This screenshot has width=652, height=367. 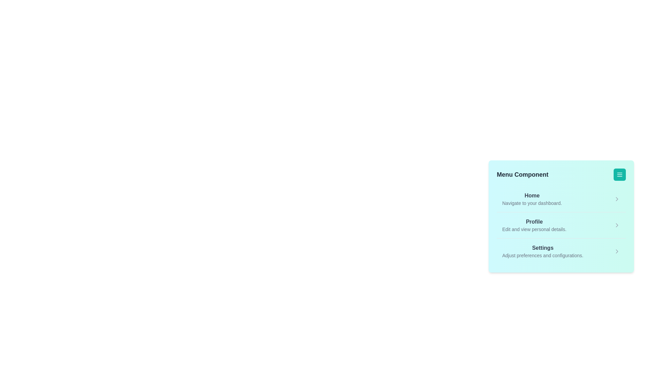 What do you see at coordinates (617, 251) in the screenshot?
I see `arrow icon next to the menu item labeled Settings` at bounding box center [617, 251].